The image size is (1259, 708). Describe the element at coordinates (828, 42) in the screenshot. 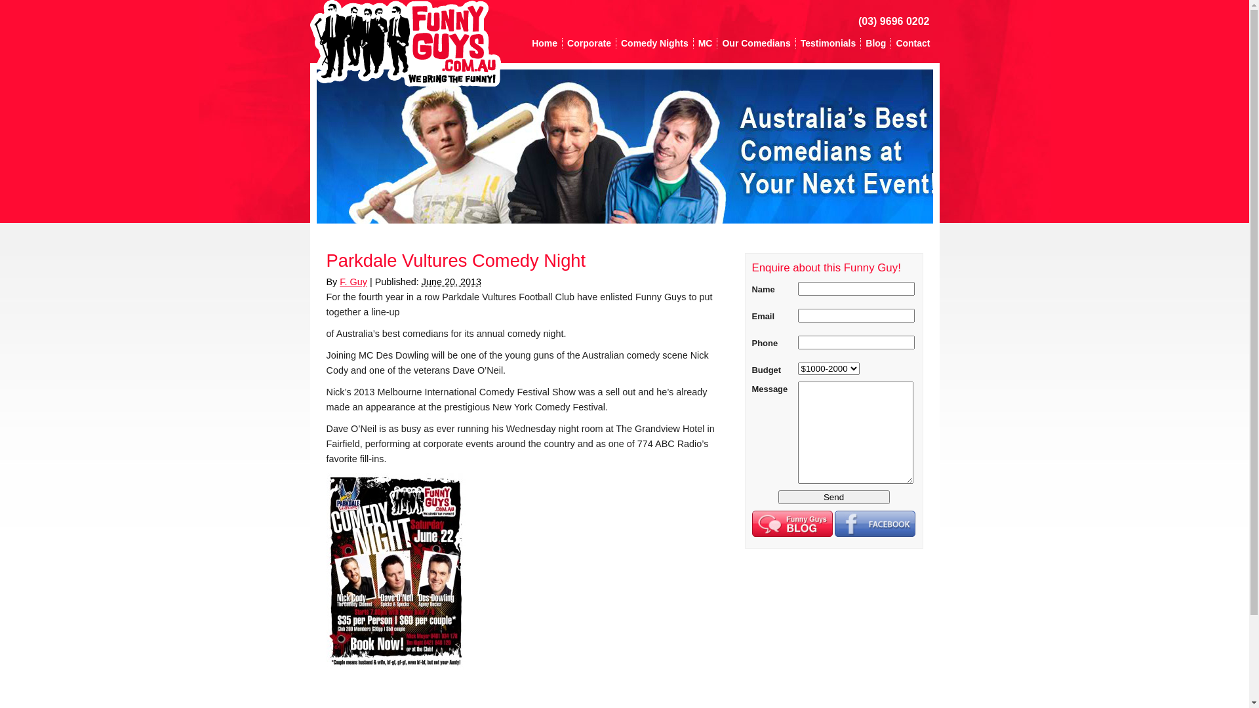

I see `'Testimonials'` at that location.